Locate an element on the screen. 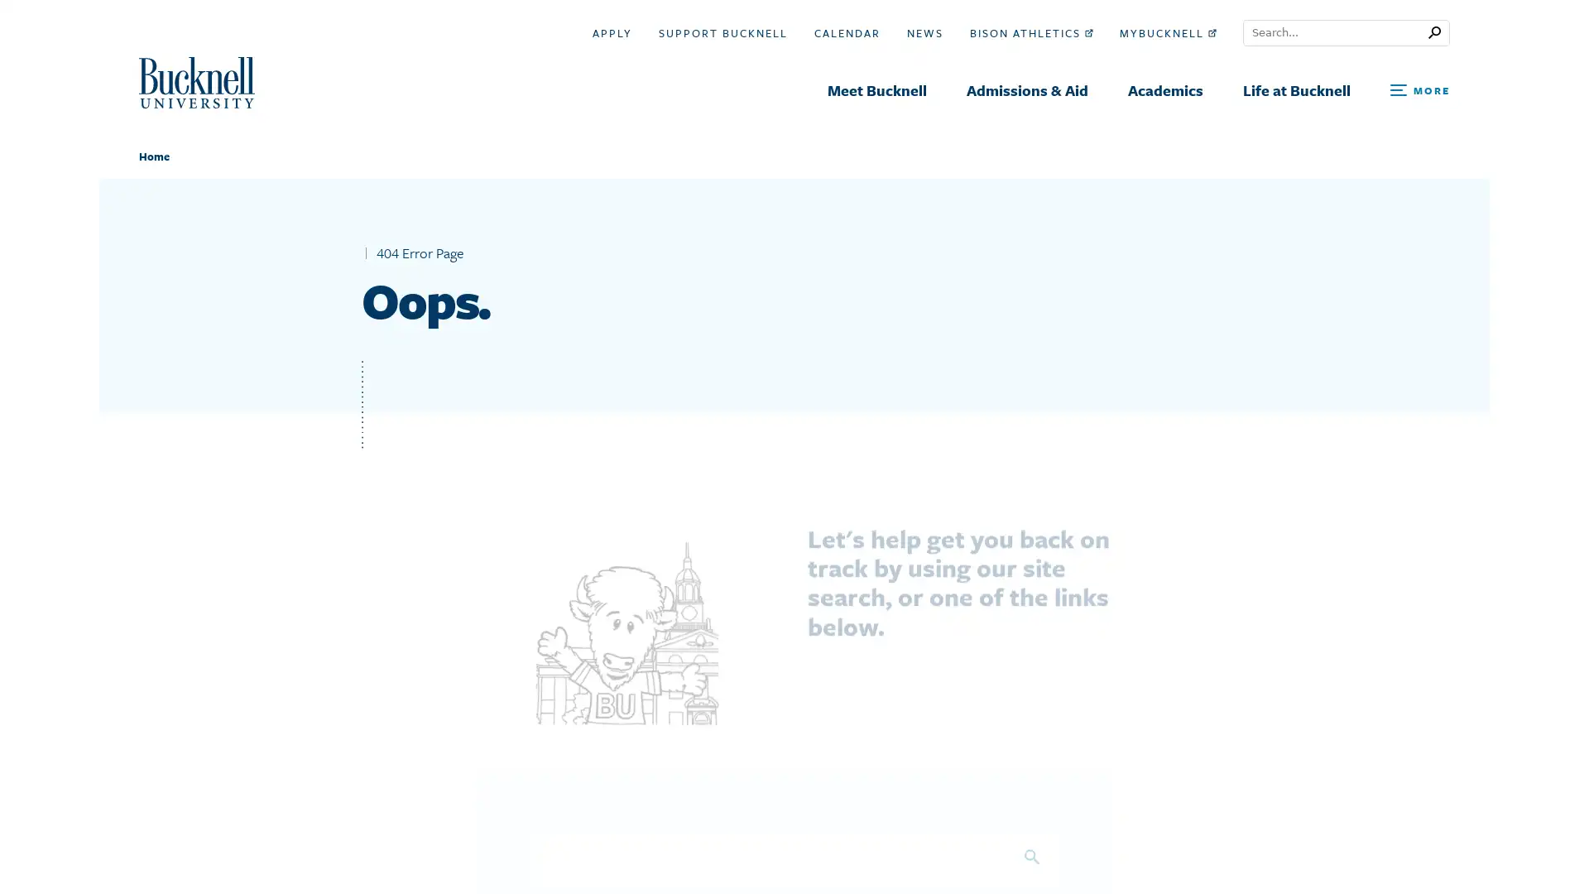  Open Search and Additional Links is located at coordinates (1419, 90).